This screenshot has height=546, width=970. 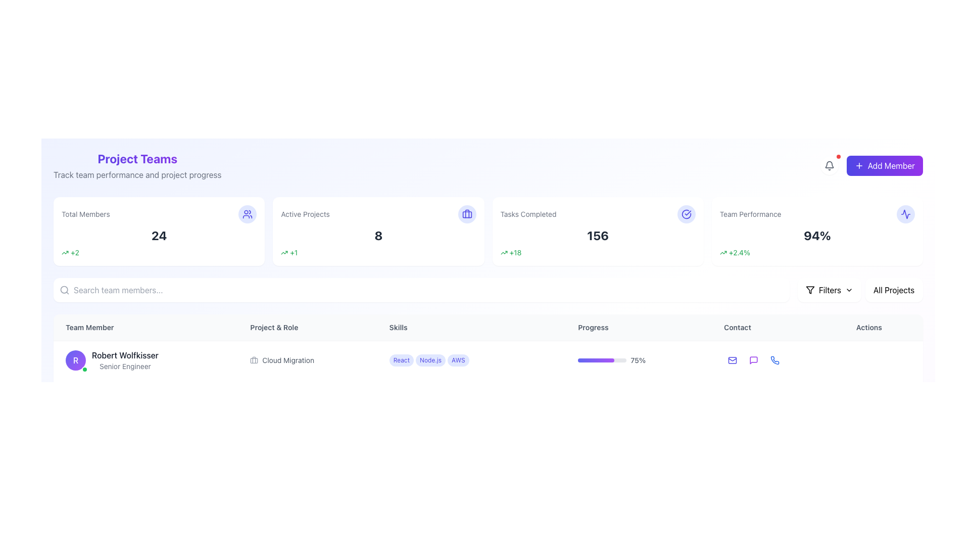 I want to click on the percentage indicator text label located within the 'Team Performance' card, positioned at the far right of the top row of summary cards, adjacent to the upward trending icon, so click(x=739, y=252).